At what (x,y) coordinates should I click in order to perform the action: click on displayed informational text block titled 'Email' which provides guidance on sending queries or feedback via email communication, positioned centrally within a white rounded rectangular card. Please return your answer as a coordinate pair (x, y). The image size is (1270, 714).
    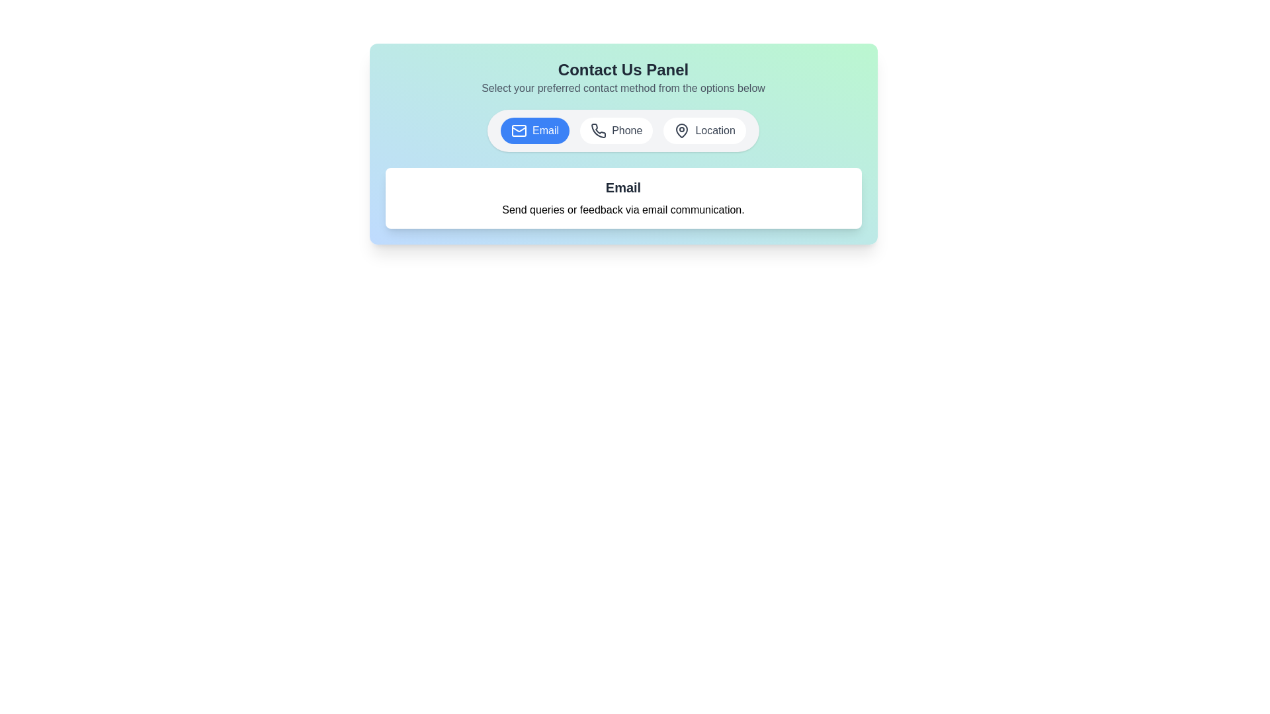
    Looking at the image, I should click on (622, 198).